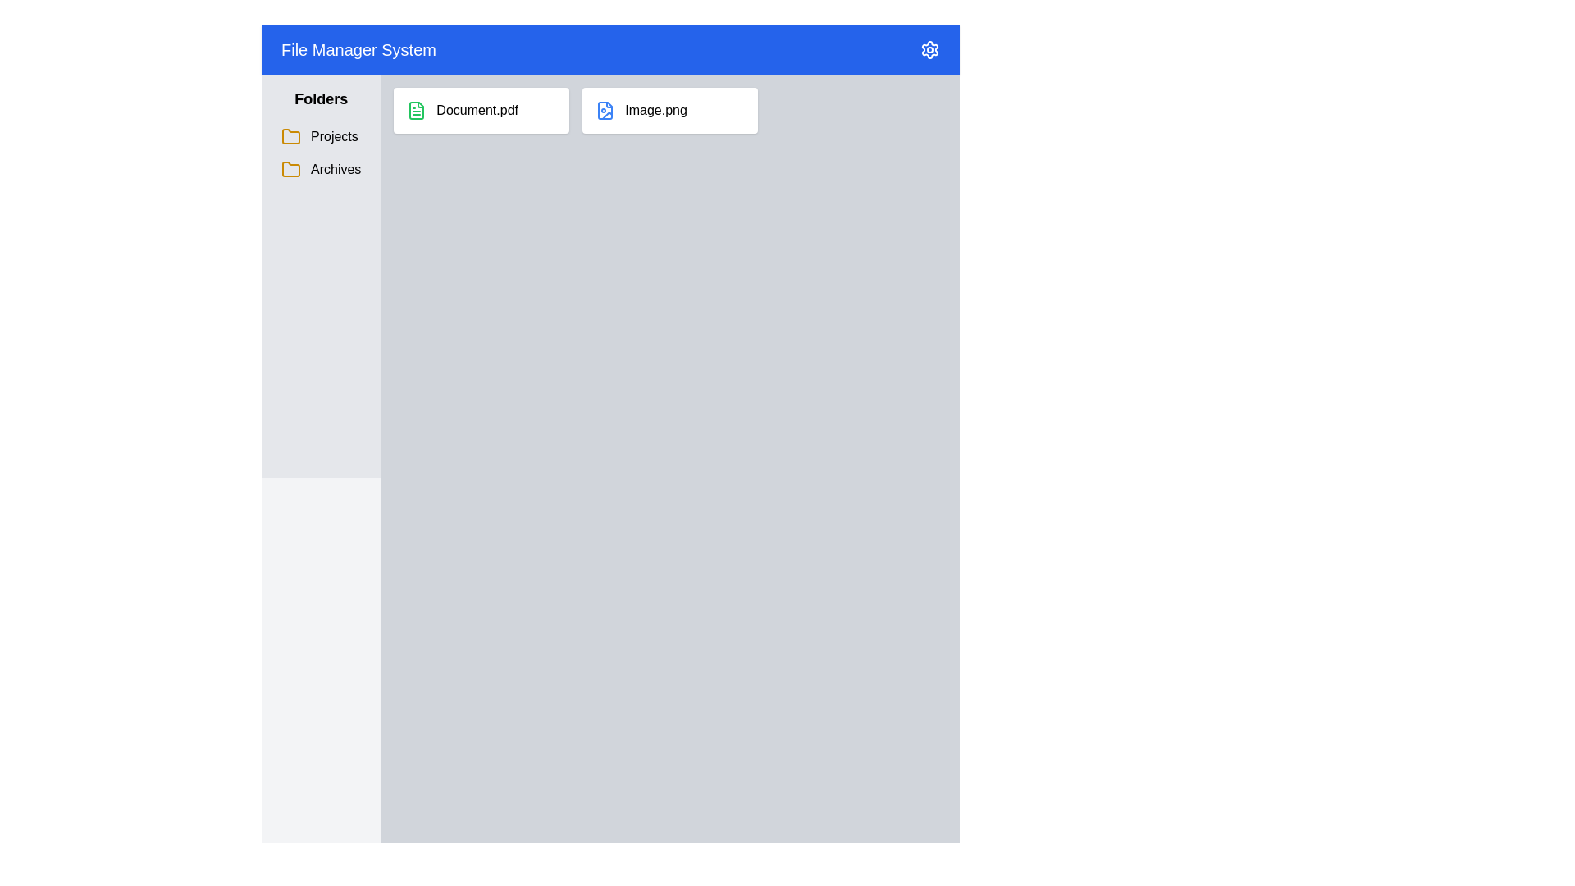 The height and width of the screenshot is (886, 1575). What do you see at coordinates (929, 49) in the screenshot?
I see `the settings button located in the top-right corner of the blue header bar, immediately to the right of the 'File Manager System' text` at bounding box center [929, 49].